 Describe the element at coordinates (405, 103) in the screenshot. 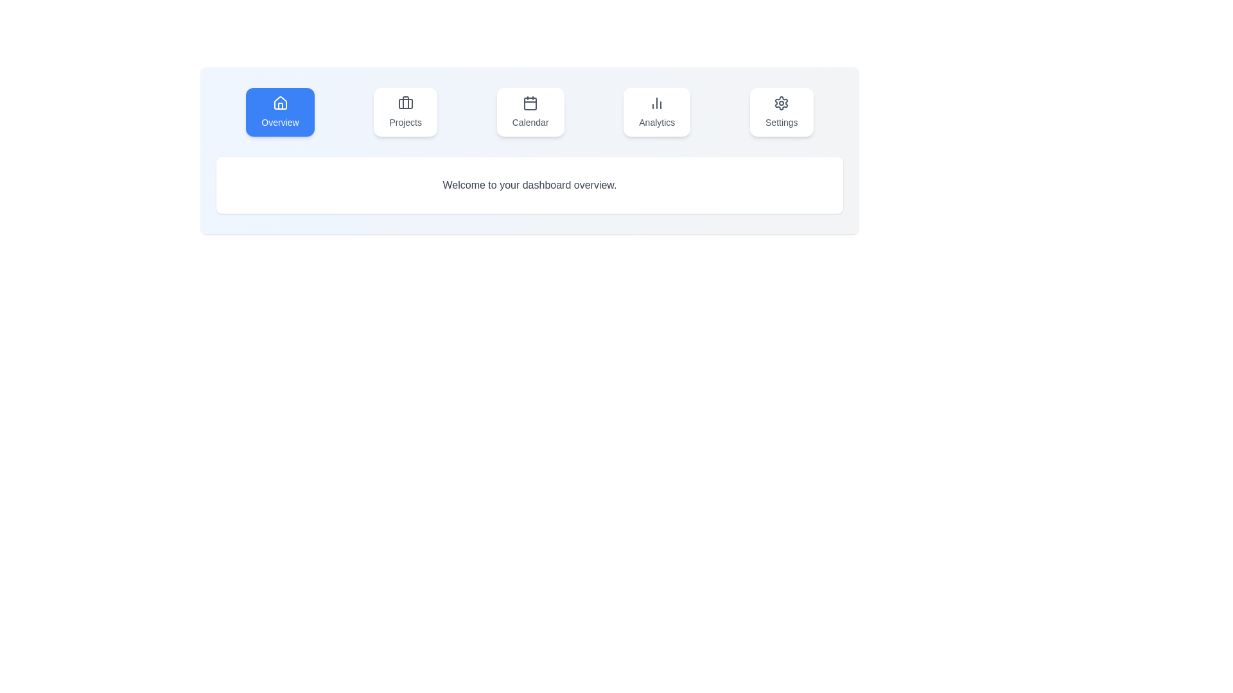

I see `the bottom portion of the briefcase icon representing the 'Projects' feature in the top navigation bar` at that location.